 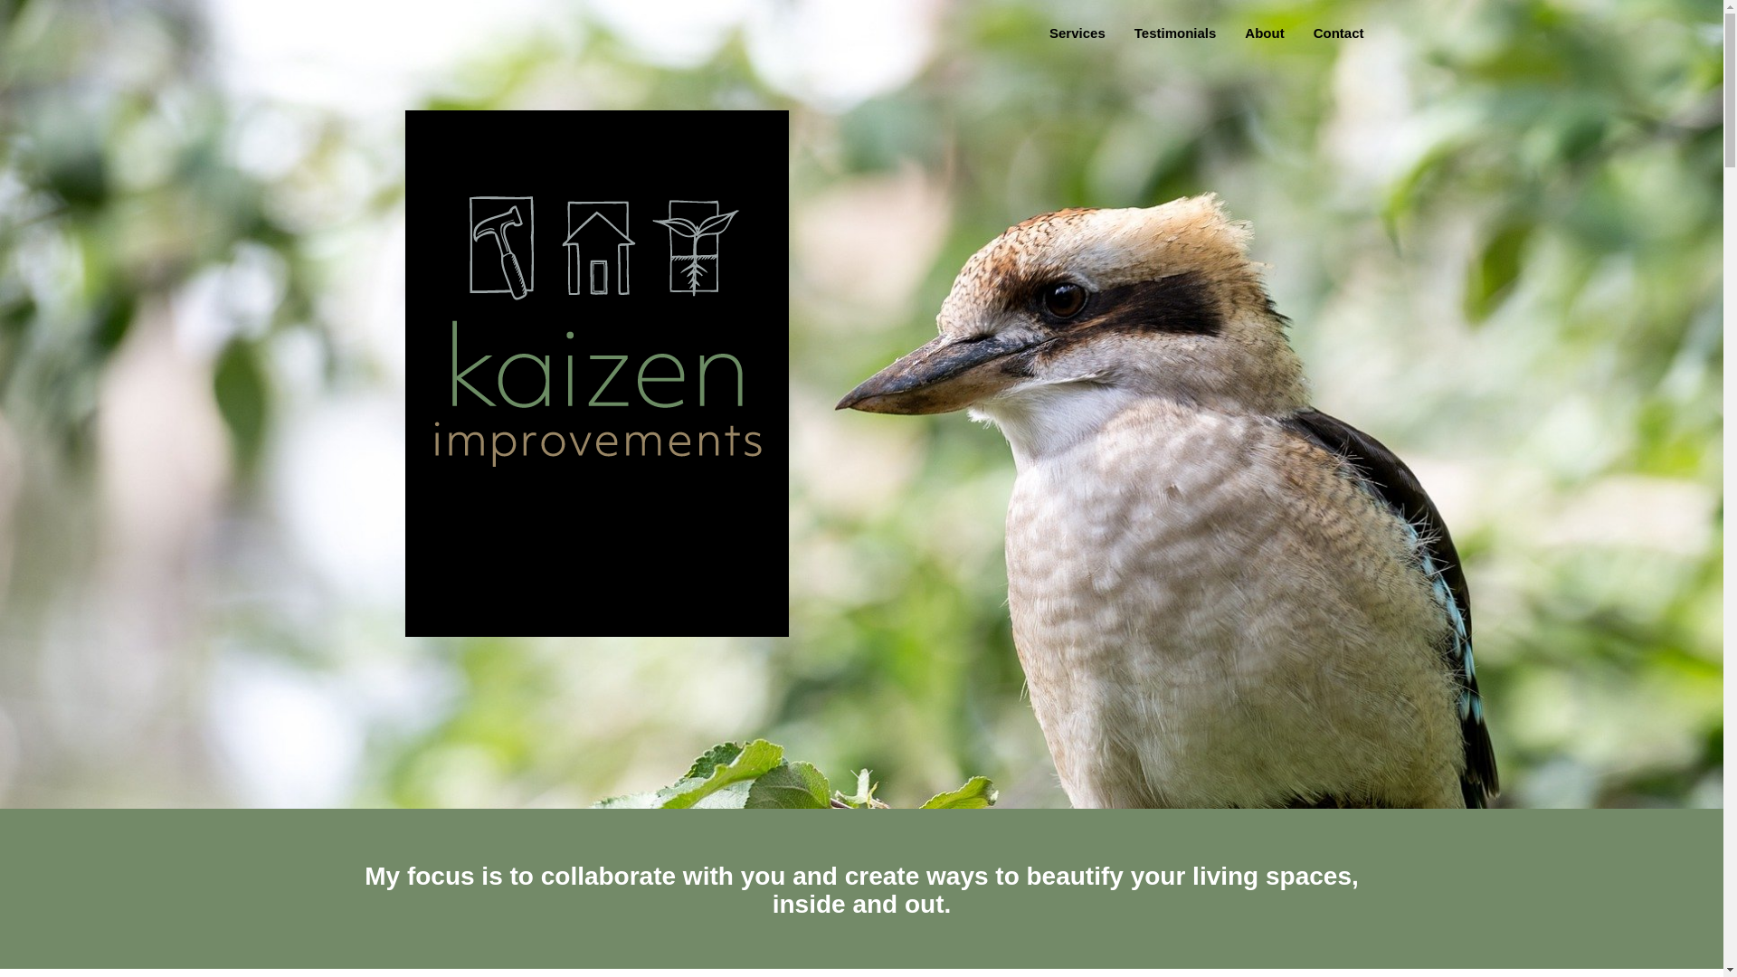 What do you see at coordinates (1263, 33) in the screenshot?
I see `'About'` at bounding box center [1263, 33].